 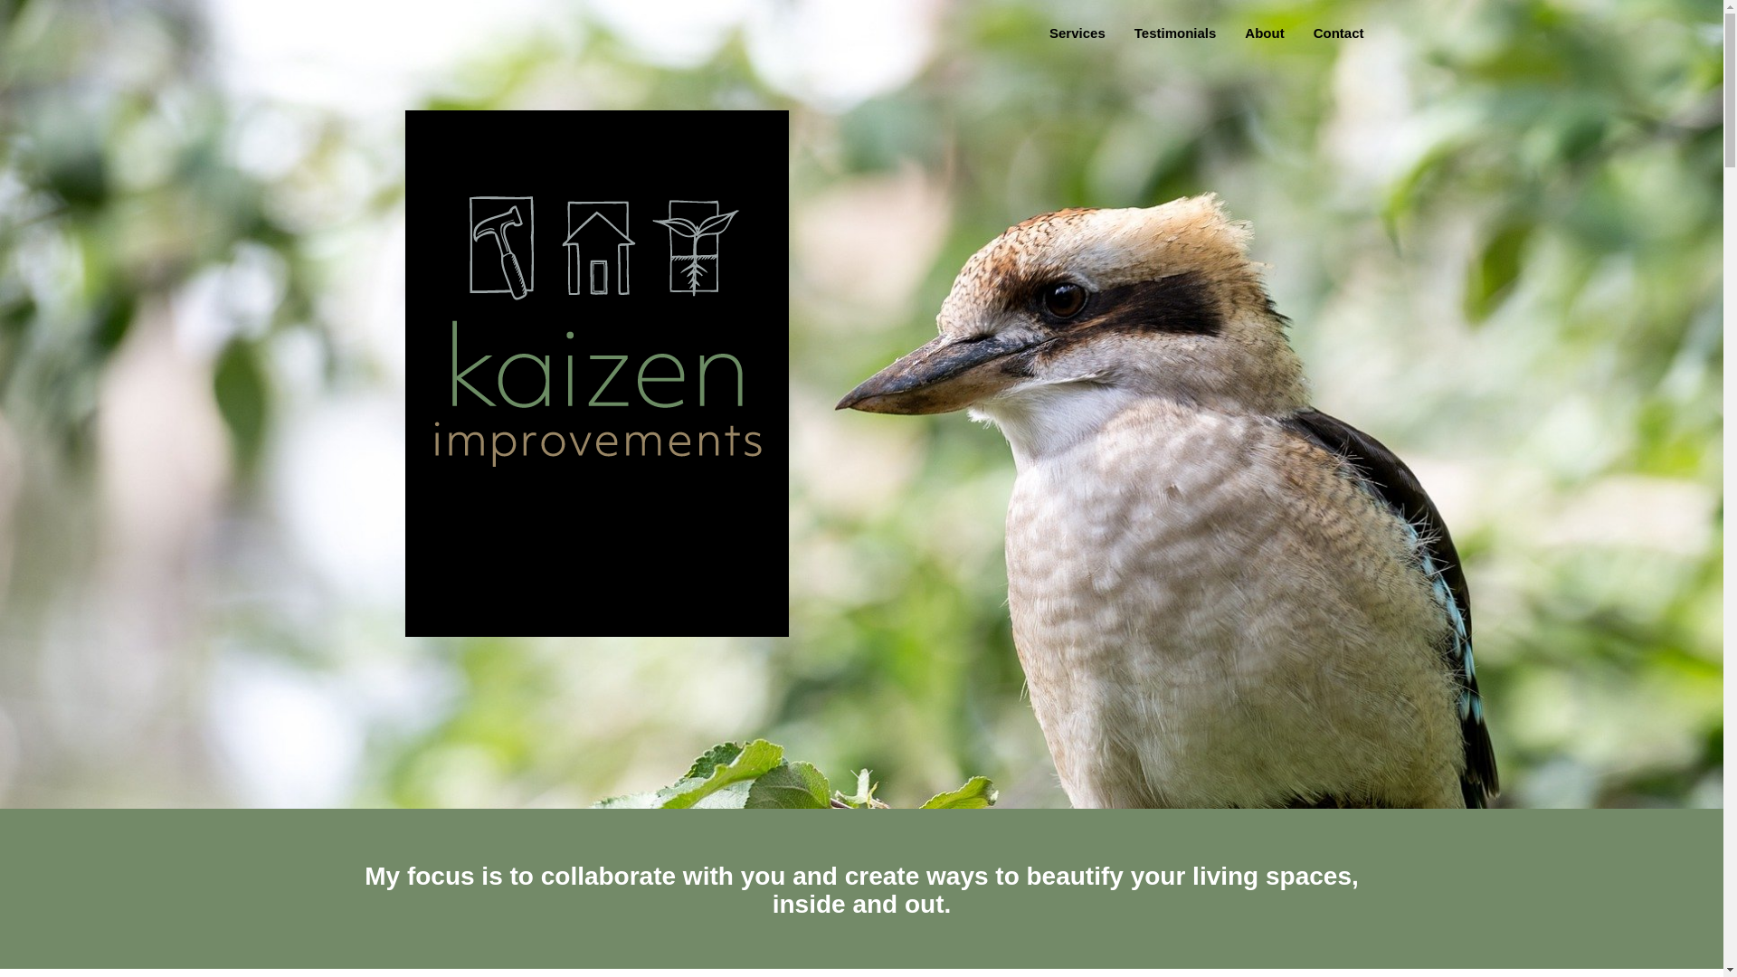 What do you see at coordinates (1263, 33) in the screenshot?
I see `'About'` at bounding box center [1263, 33].